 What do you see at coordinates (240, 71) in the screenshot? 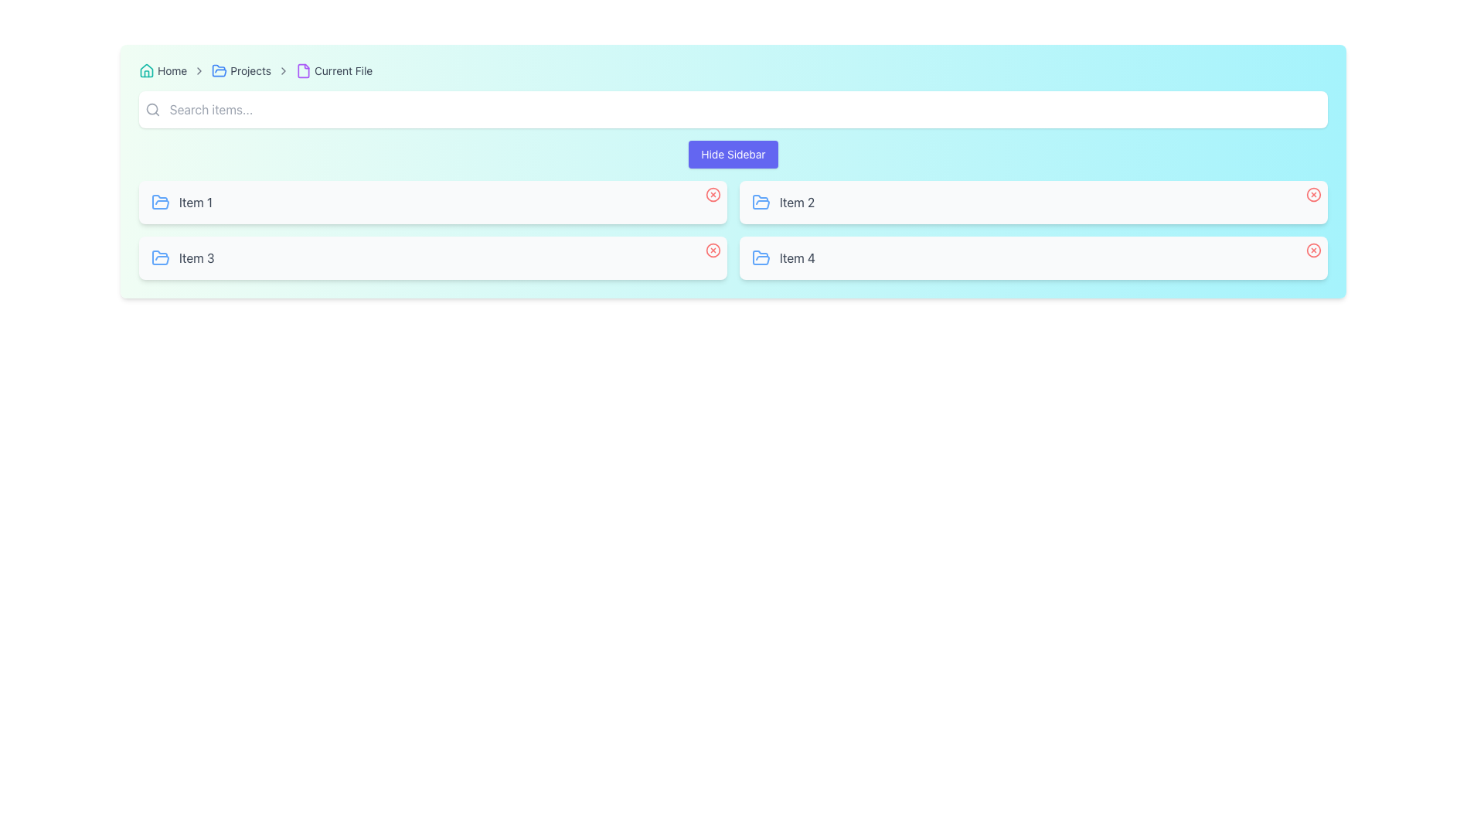
I see `the breadcrumb navigation link indicating the 'Projects' level, which is the second node in the breadcrumb navigation bar` at bounding box center [240, 71].